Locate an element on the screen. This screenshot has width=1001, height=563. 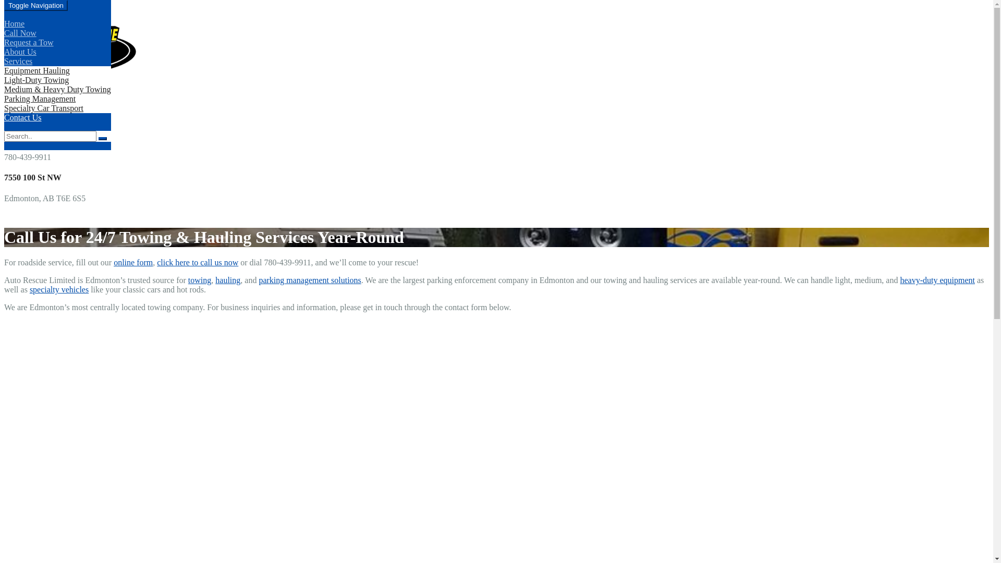
'Parking Management' is located at coordinates (40, 99).